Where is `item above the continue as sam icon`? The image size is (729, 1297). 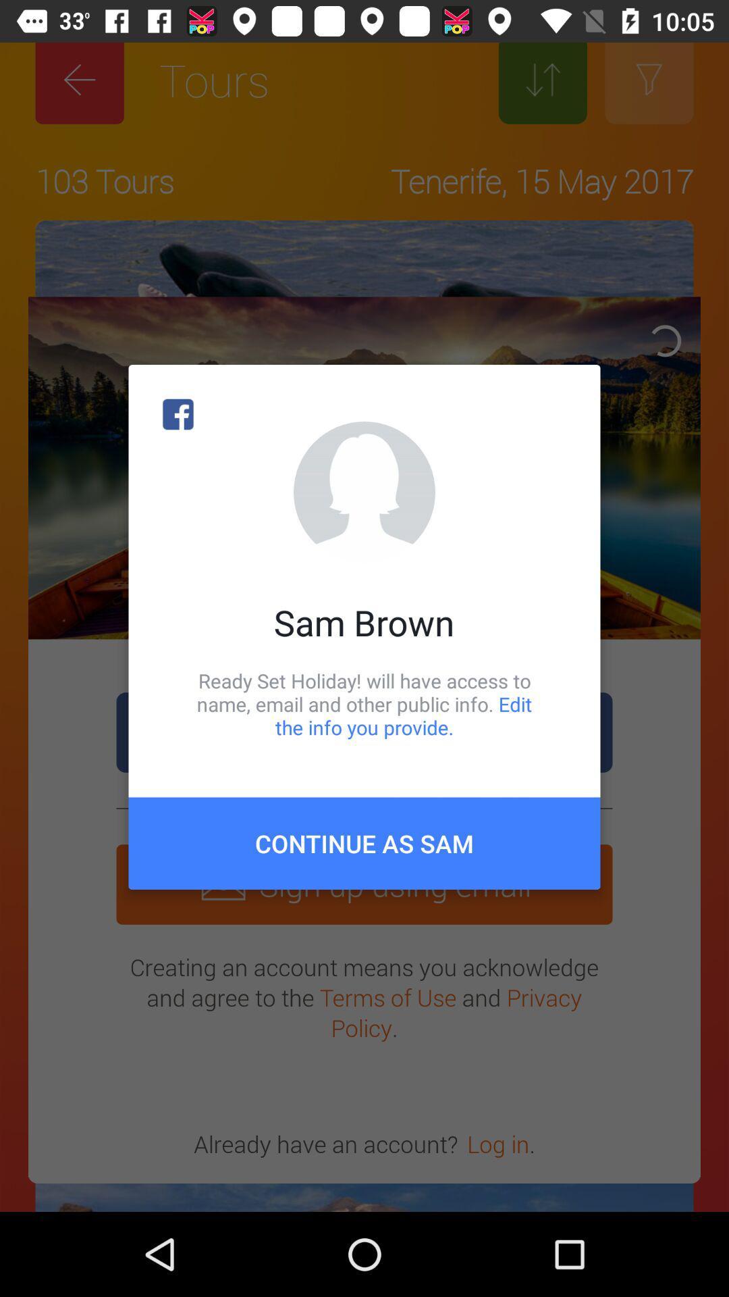
item above the continue as sam icon is located at coordinates (364, 703).